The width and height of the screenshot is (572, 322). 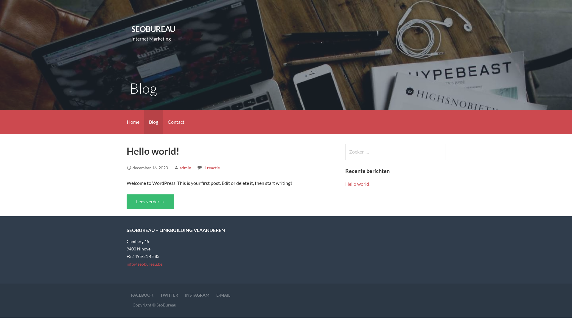 I want to click on 'Contact', so click(x=163, y=122).